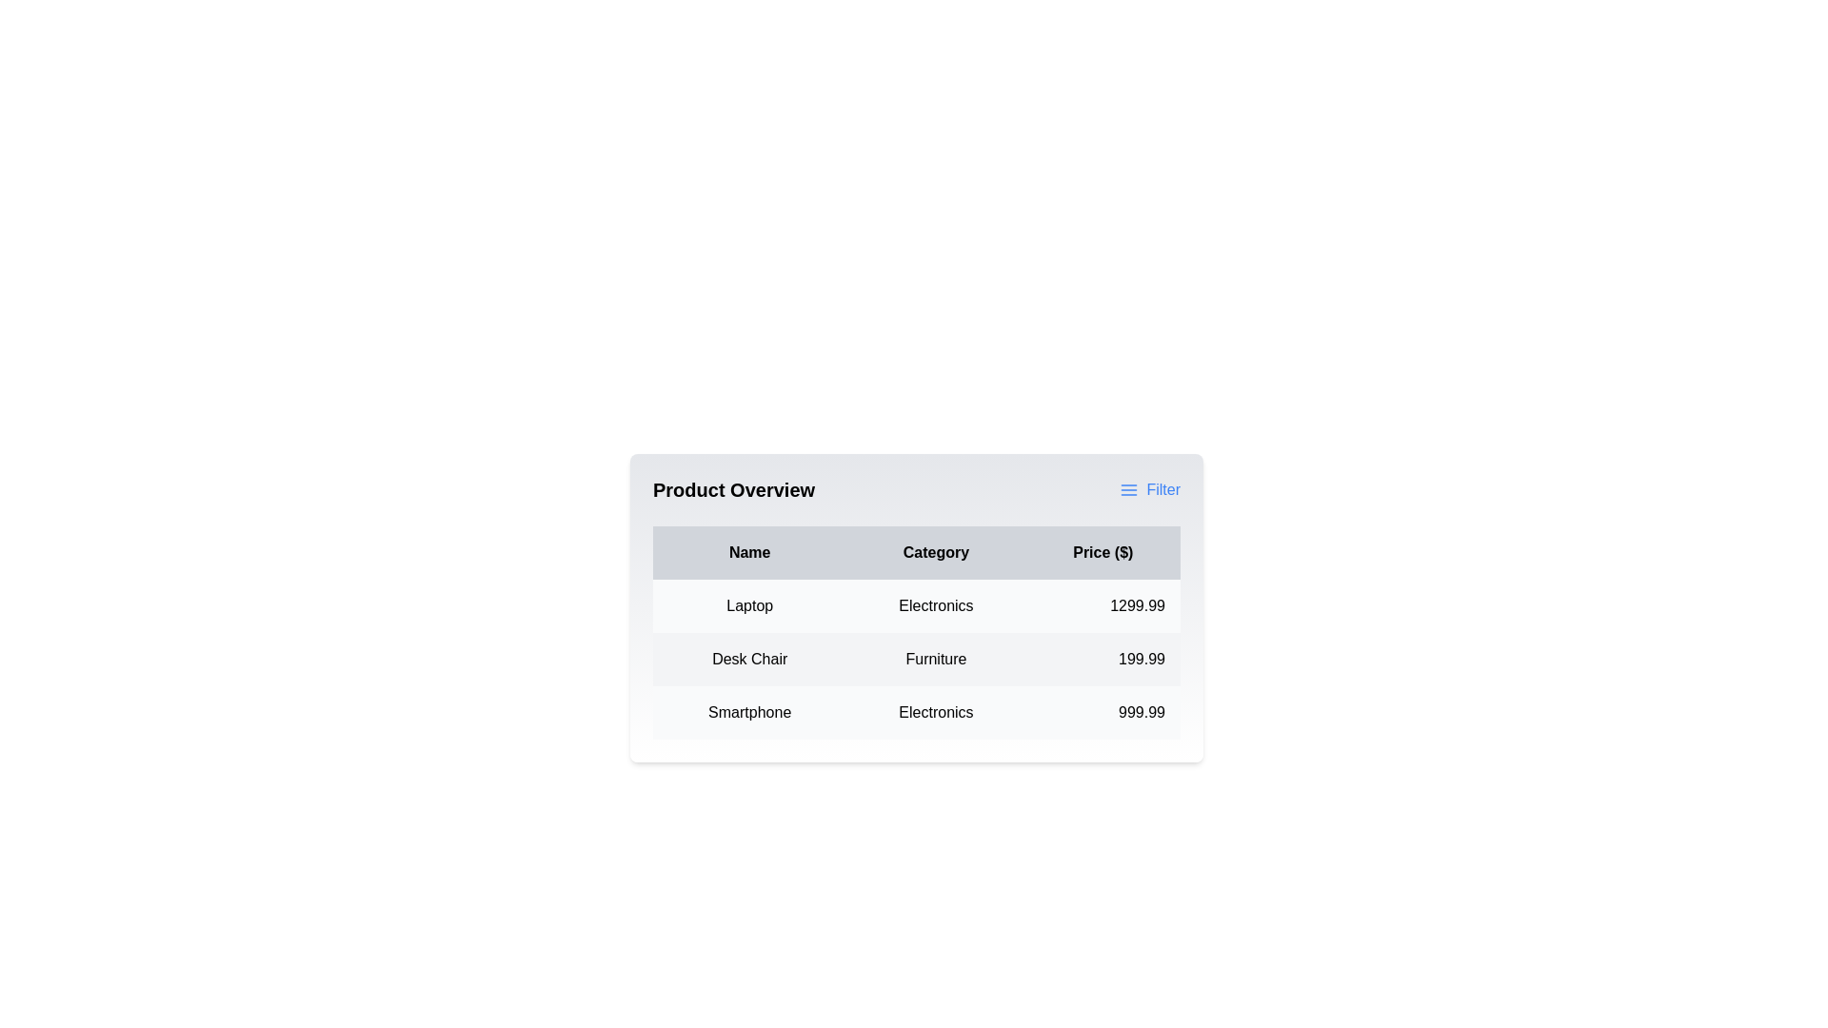 This screenshot has height=1028, width=1828. Describe the element at coordinates (917, 553) in the screenshot. I see `header of the table, which consists of the labels 'Name', 'Category', and 'Price ($)', displayed on a light gray background at the top of the data layout` at that location.